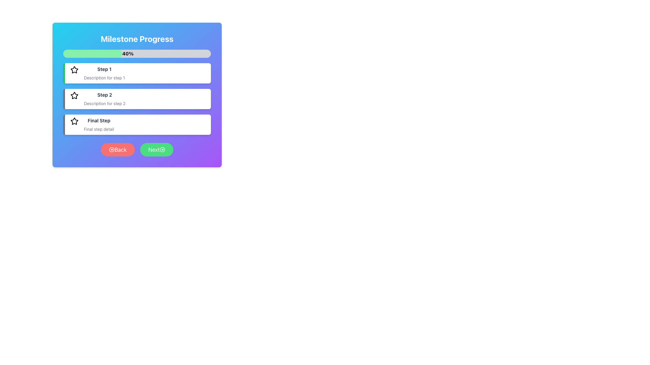 The image size is (650, 365). Describe the element at coordinates (104, 69) in the screenshot. I see `the step label text that displays the current step title, located adjacent to a star icon in the first section of a vertical list of steps` at that location.